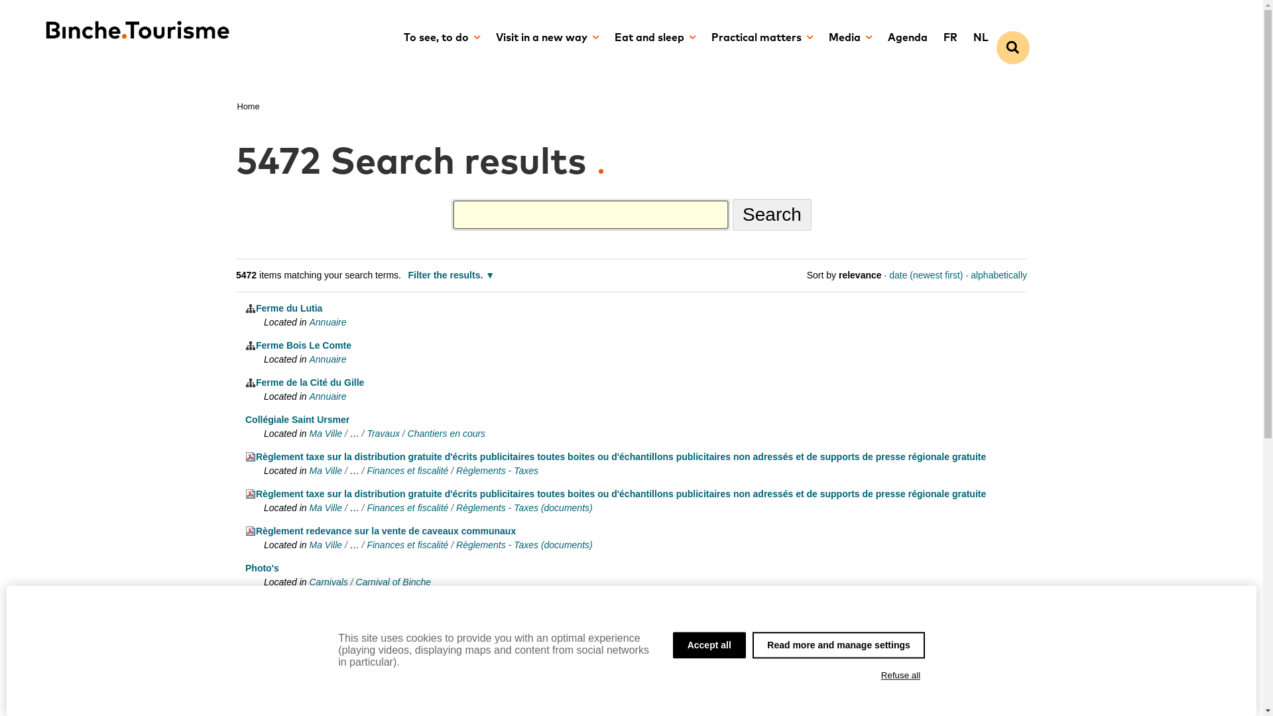  What do you see at coordinates (605, 37) in the screenshot?
I see `'Eat and sleep'` at bounding box center [605, 37].